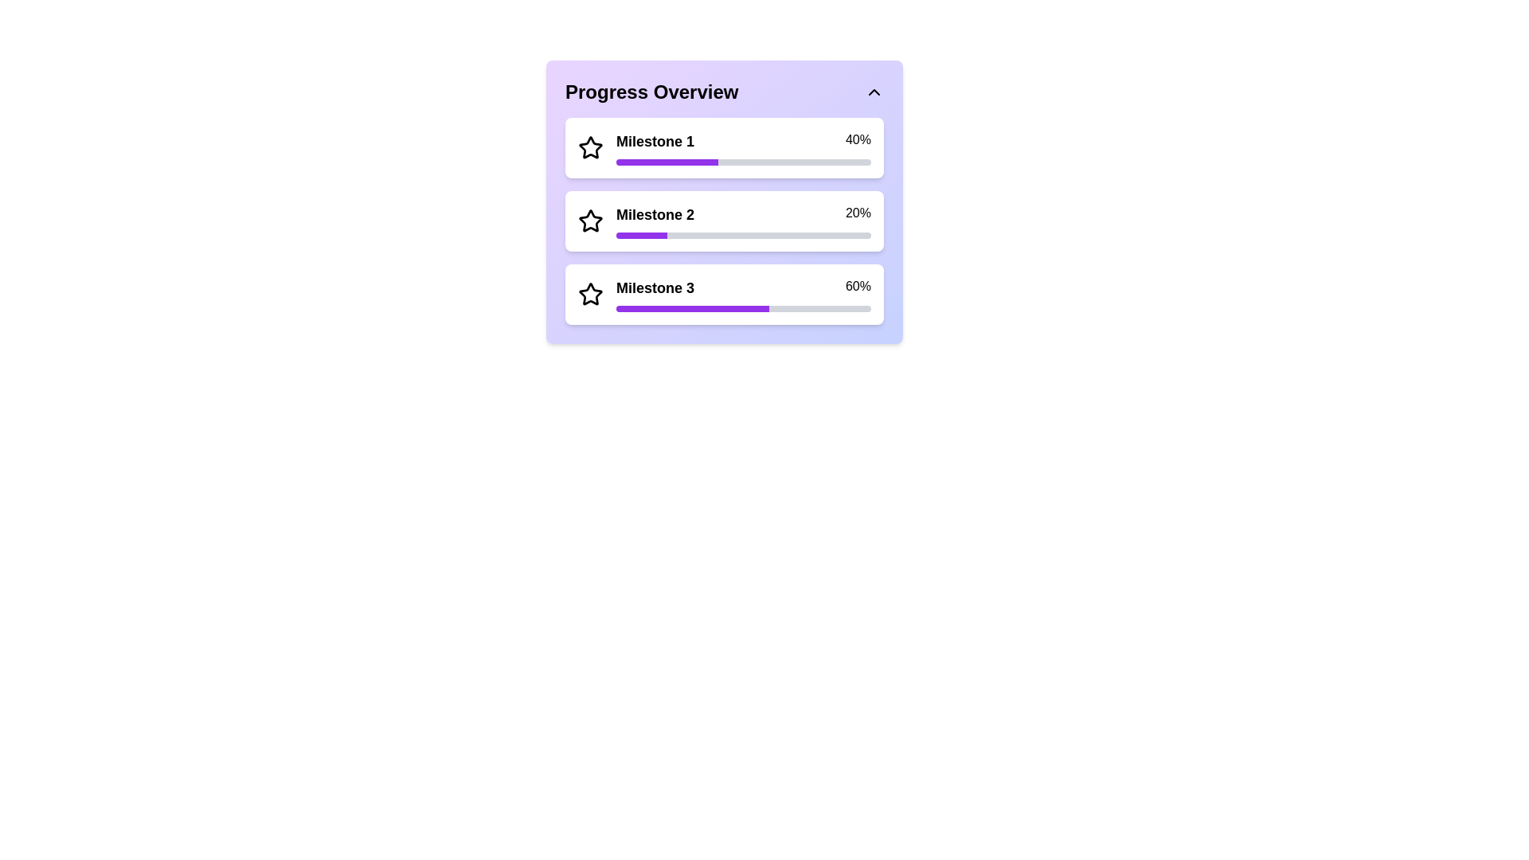  I want to click on the star-shaped icon representing 'Milestone 3' in the progress bar, which is the third item in the list, so click(590, 295).